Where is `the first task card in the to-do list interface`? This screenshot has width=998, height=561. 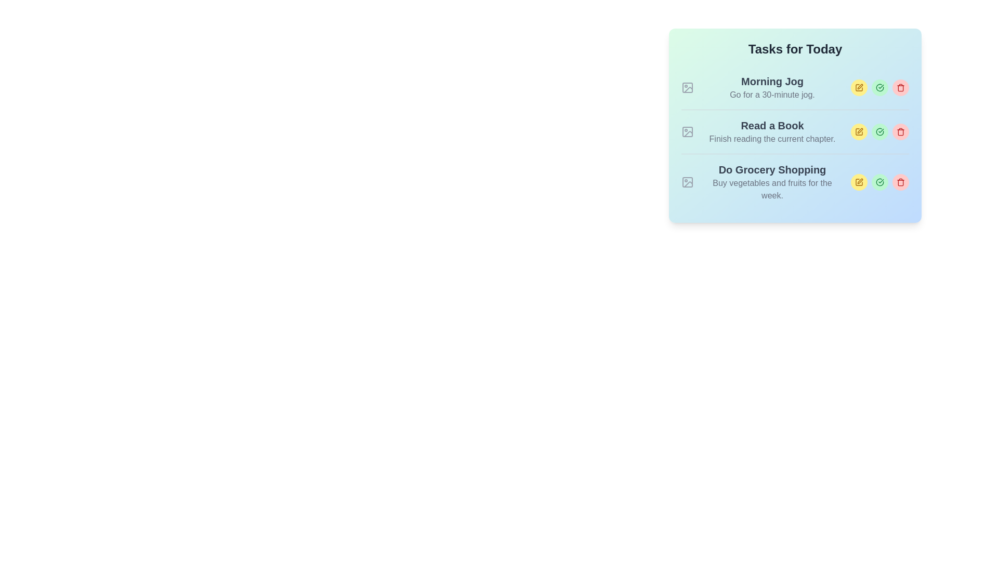
the first task card in the to-do list interface is located at coordinates (795, 87).